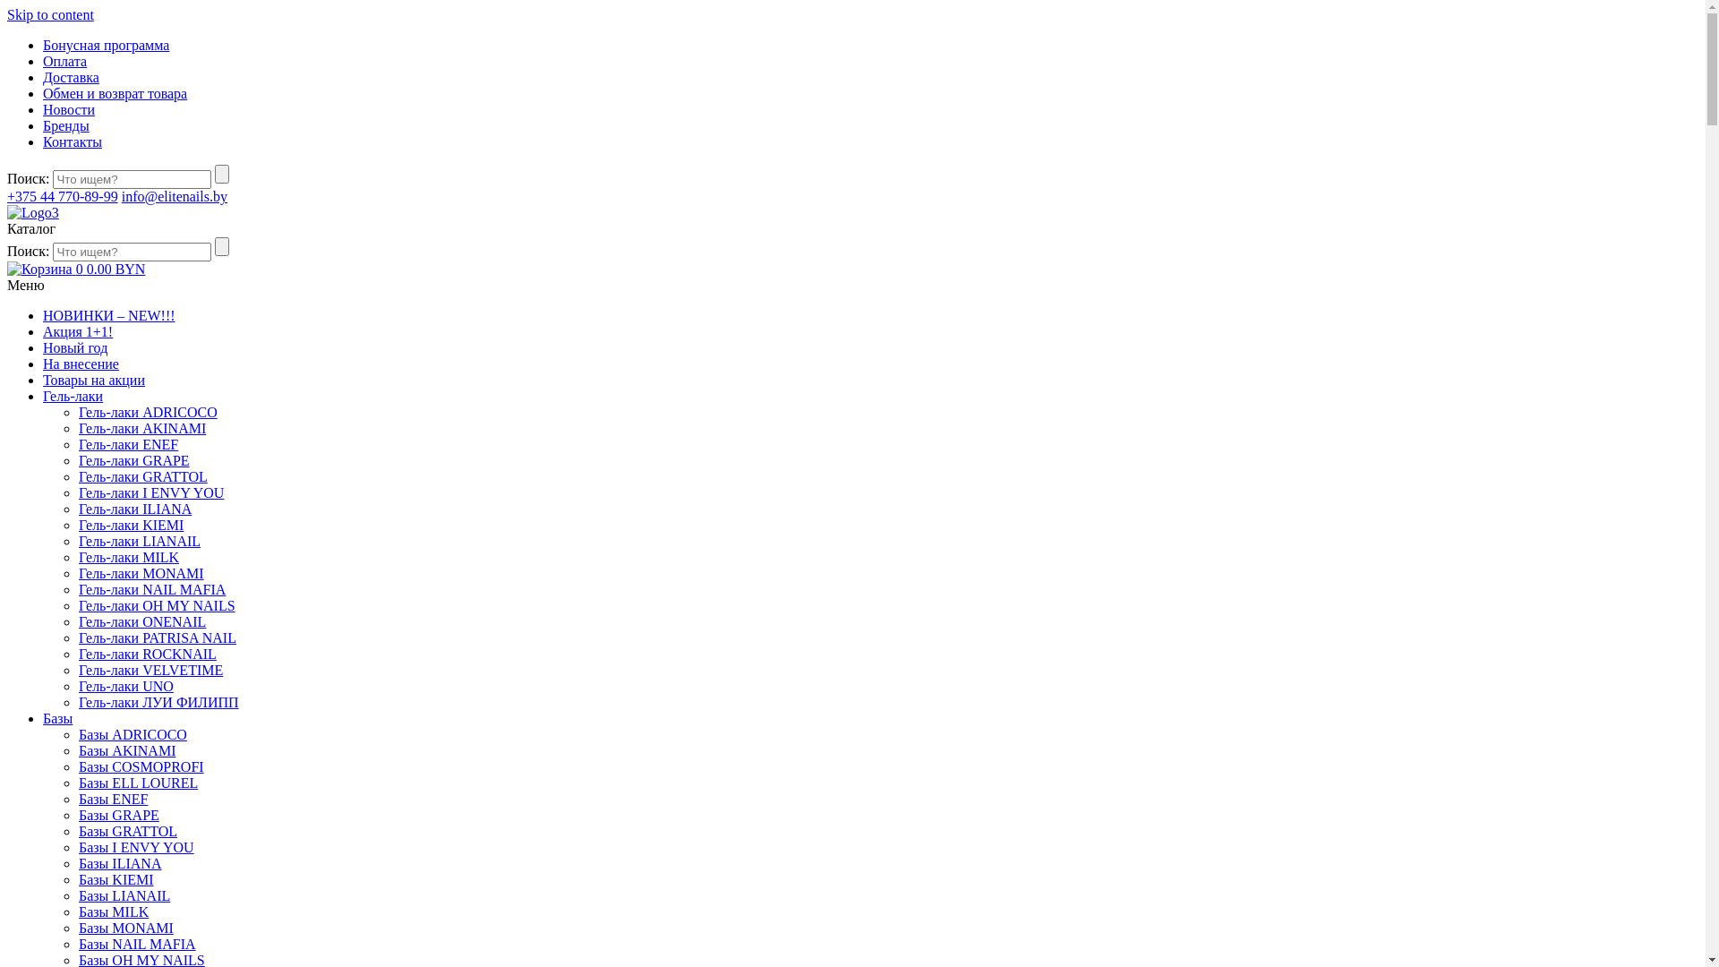 This screenshot has width=1719, height=967. Describe the element at coordinates (50, 14) in the screenshot. I see `'Skip to content'` at that location.